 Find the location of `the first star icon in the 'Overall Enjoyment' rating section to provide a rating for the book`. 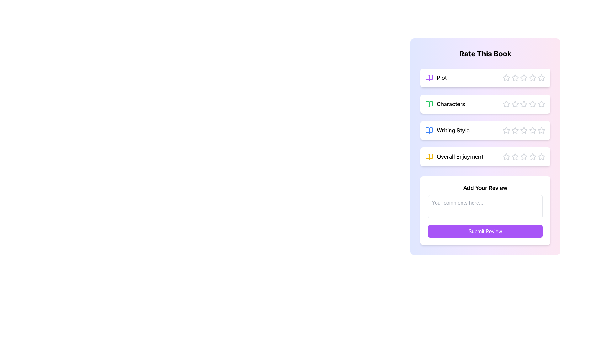

the first star icon in the 'Overall Enjoyment' rating section to provide a rating for the book is located at coordinates (506, 156).